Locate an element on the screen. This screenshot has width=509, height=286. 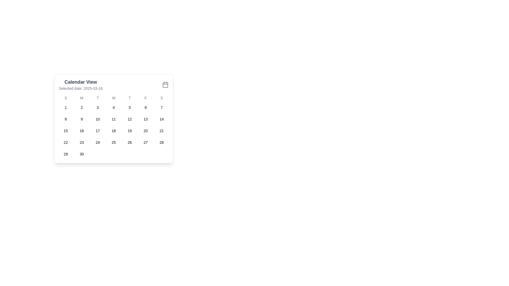
the date cell representing the 12th of the month in the calendar is located at coordinates (130, 119).